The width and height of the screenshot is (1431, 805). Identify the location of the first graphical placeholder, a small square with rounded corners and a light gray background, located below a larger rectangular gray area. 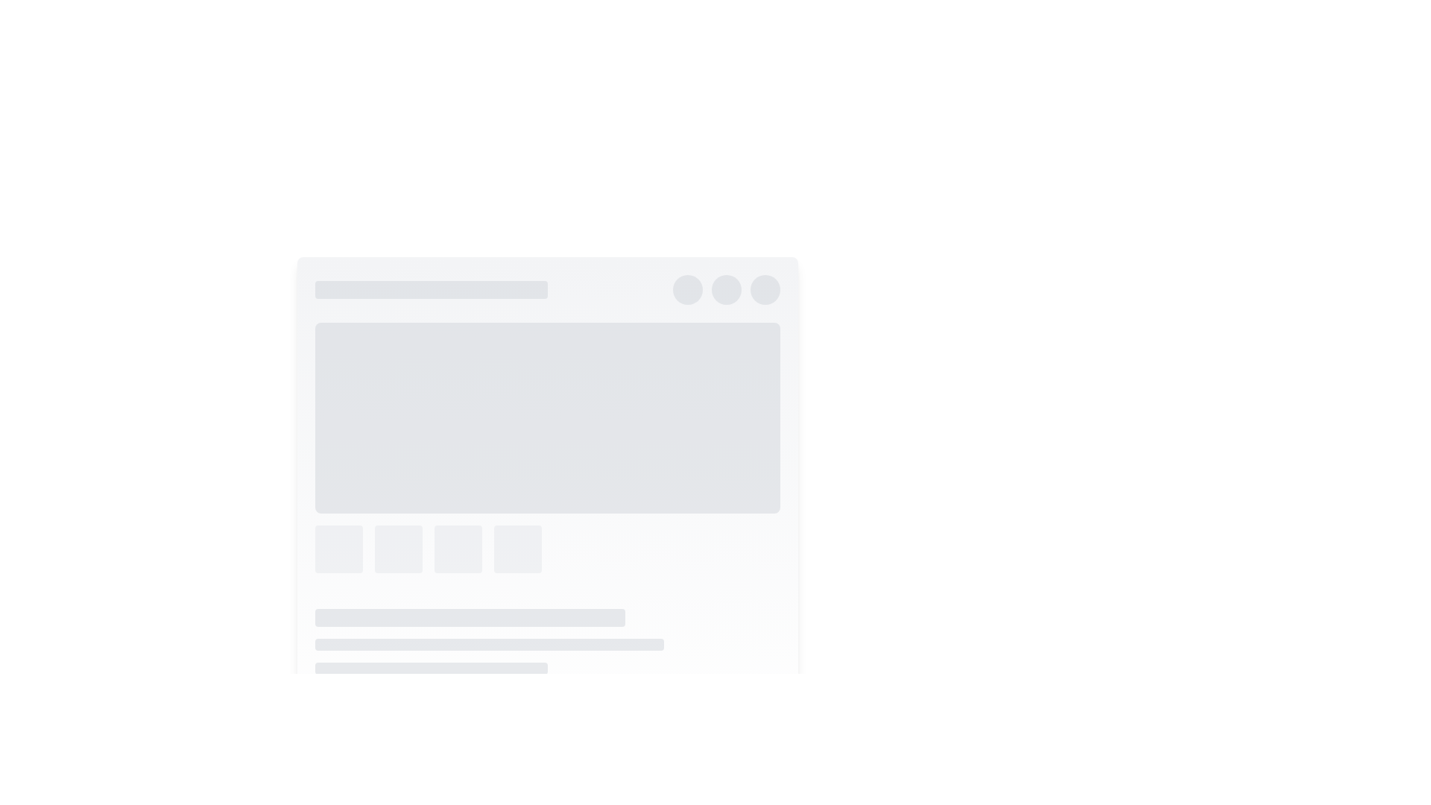
(338, 549).